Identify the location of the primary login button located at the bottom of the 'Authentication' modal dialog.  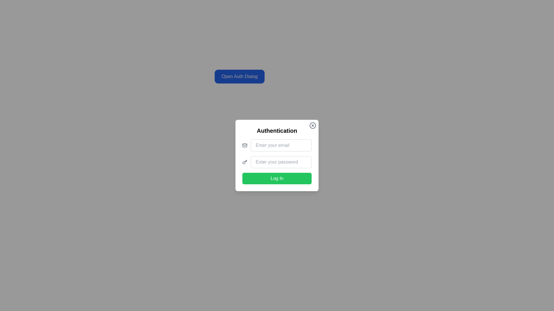
(277, 178).